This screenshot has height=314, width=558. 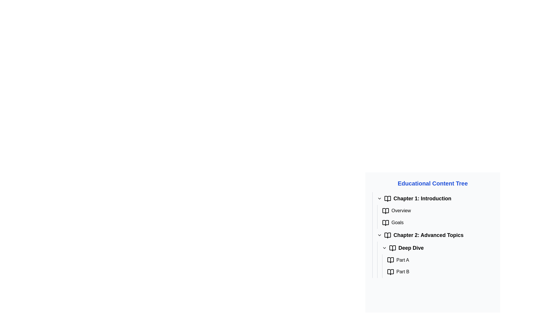 What do you see at coordinates (406, 248) in the screenshot?
I see `the 'Deep Dive' clickable label with an icon, which has bold, large black font text and an open book icon, located under 'Chapter 2: Advanced Topics' in the tree structure` at bounding box center [406, 248].